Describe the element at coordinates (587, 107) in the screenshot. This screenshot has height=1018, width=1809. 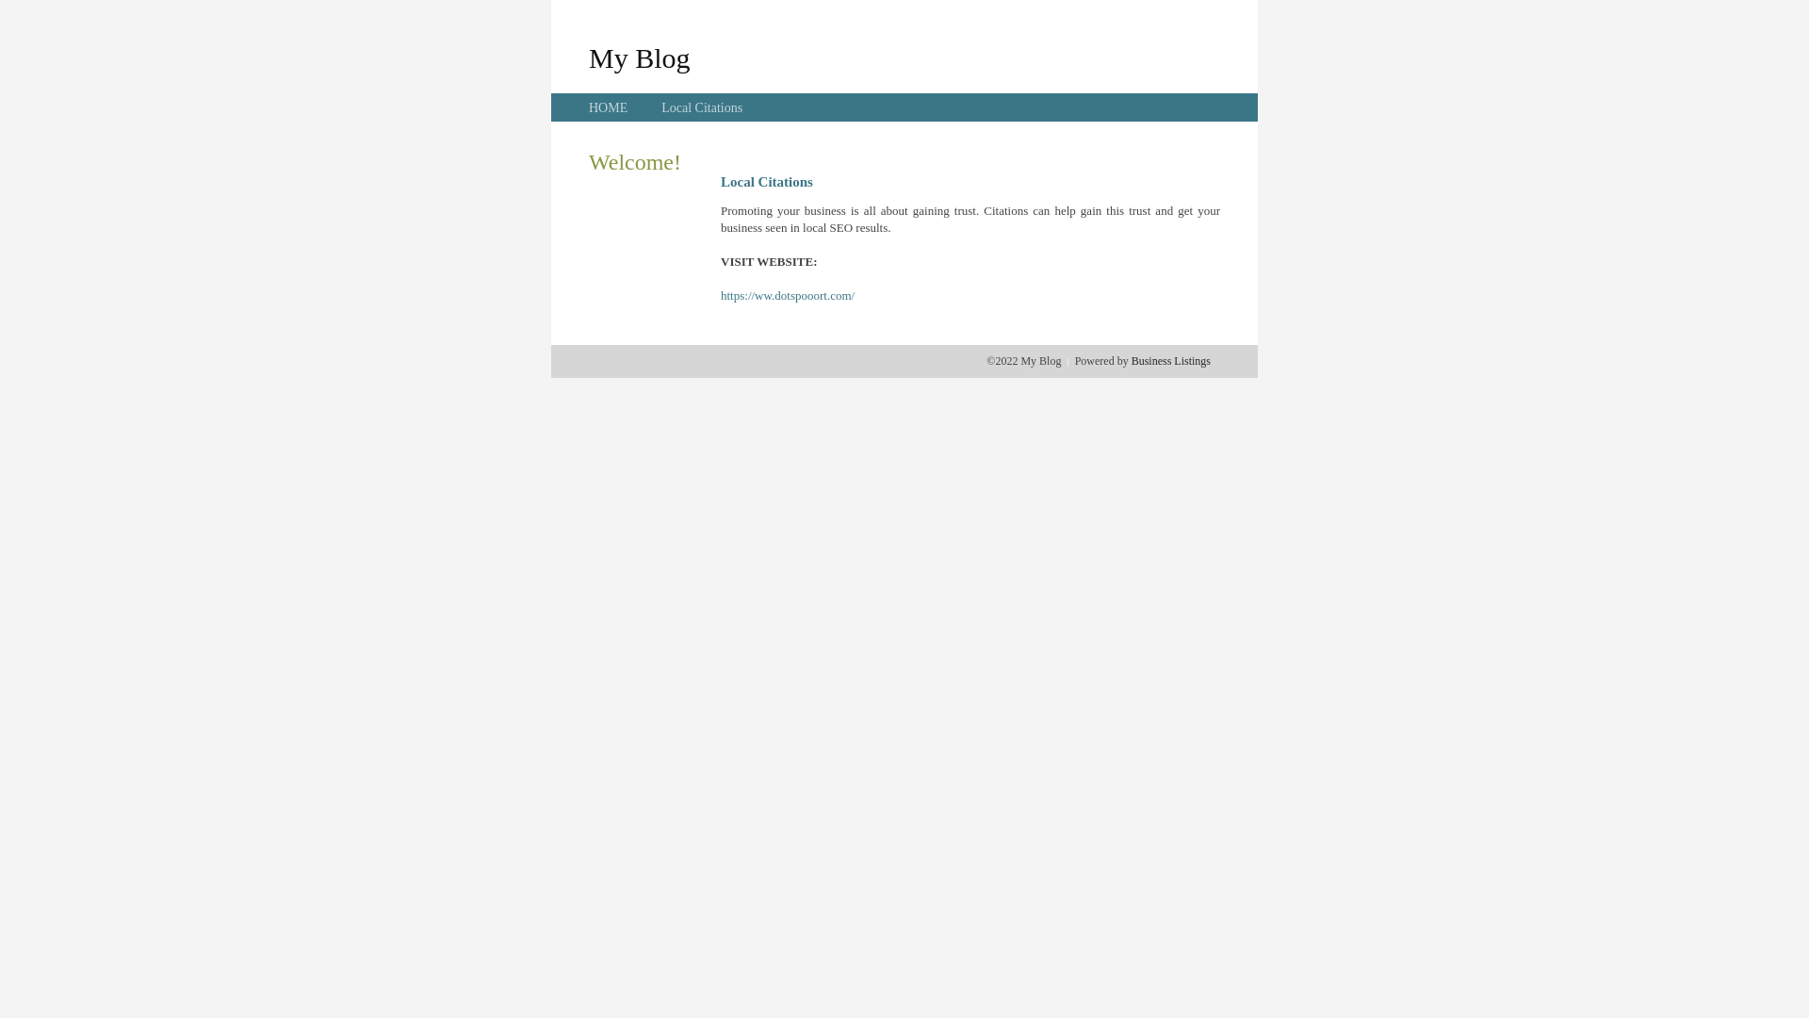
I see `'HOME'` at that location.